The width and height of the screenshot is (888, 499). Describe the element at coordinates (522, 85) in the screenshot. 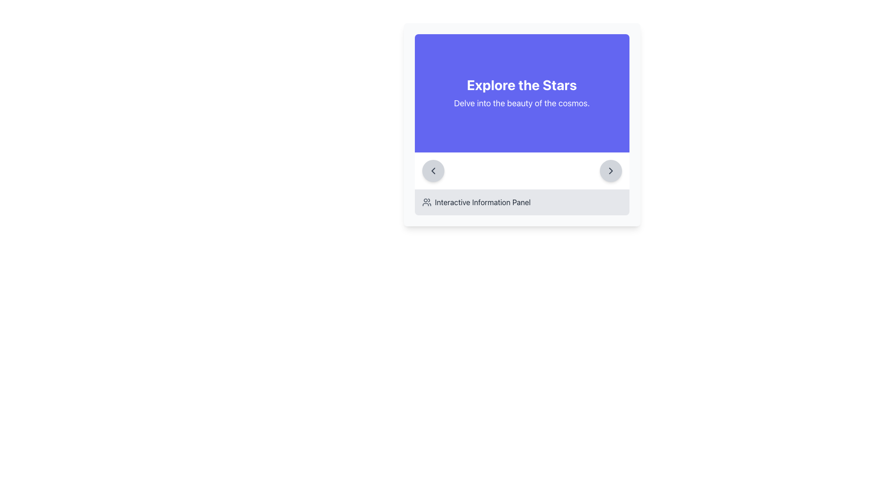

I see `the non-interactive Text Label that serves as a title or headline, positioned at the top of a purple rectangular block, above the subtitle 'Delve into the beauty of the cosmos.'` at that location.